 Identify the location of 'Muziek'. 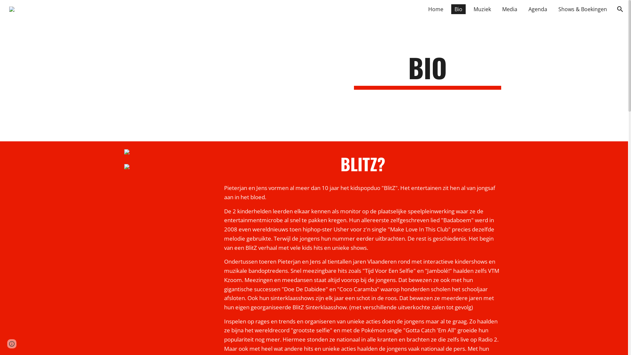
(470, 9).